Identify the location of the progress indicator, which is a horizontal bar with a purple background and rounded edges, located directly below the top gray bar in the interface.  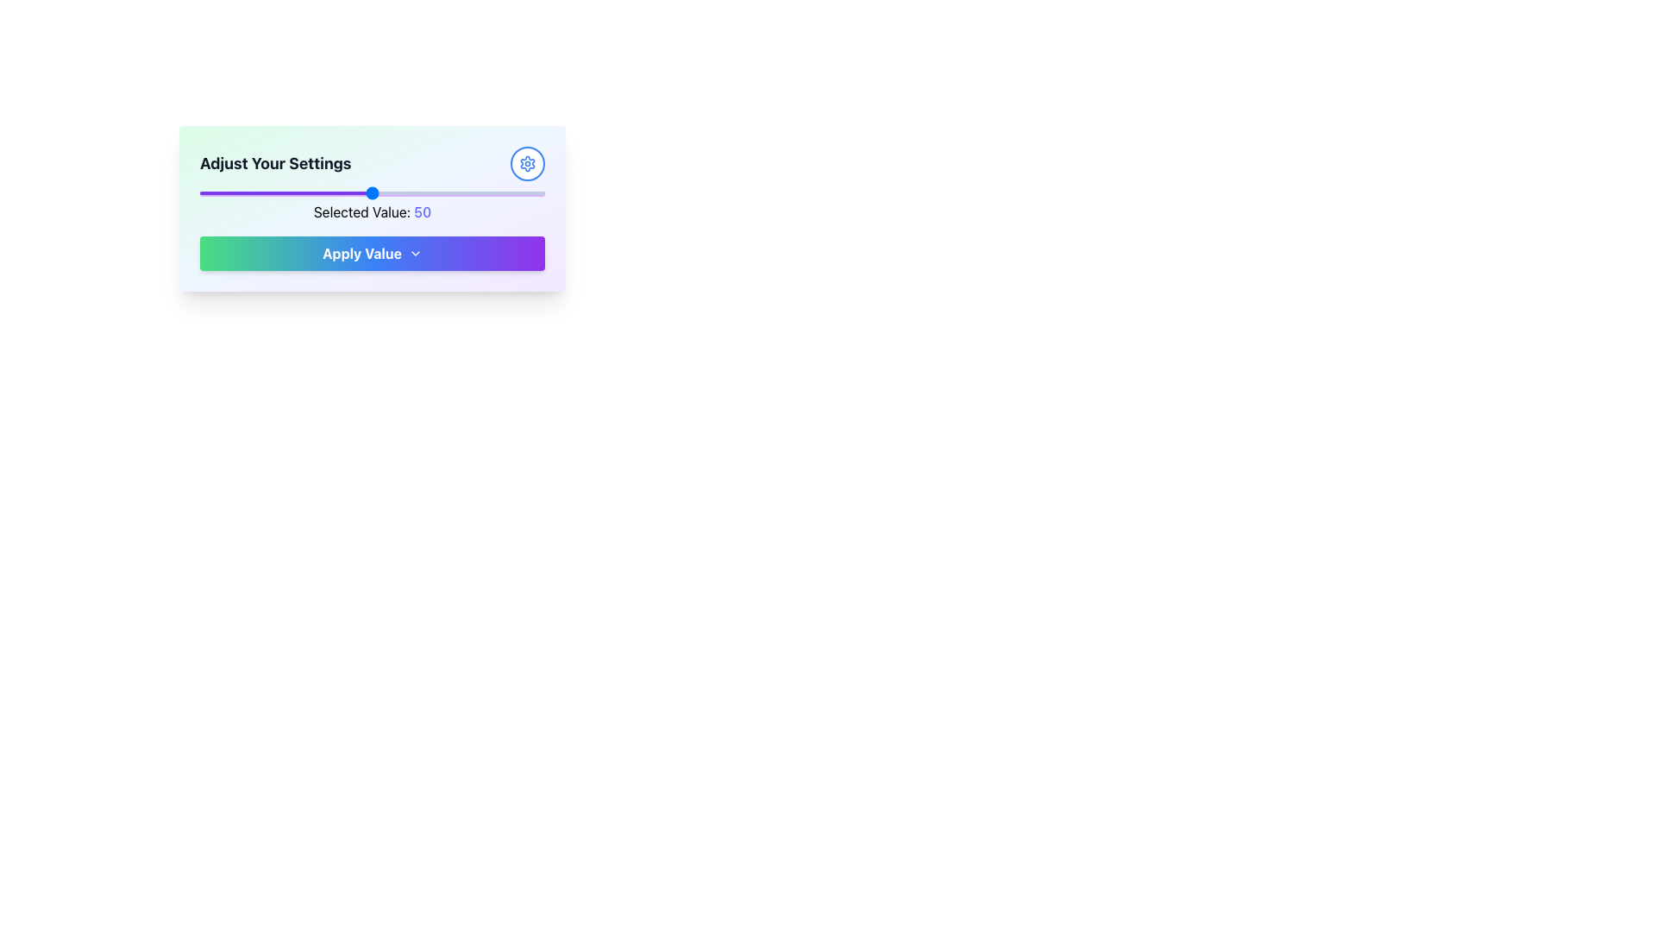
(372, 193).